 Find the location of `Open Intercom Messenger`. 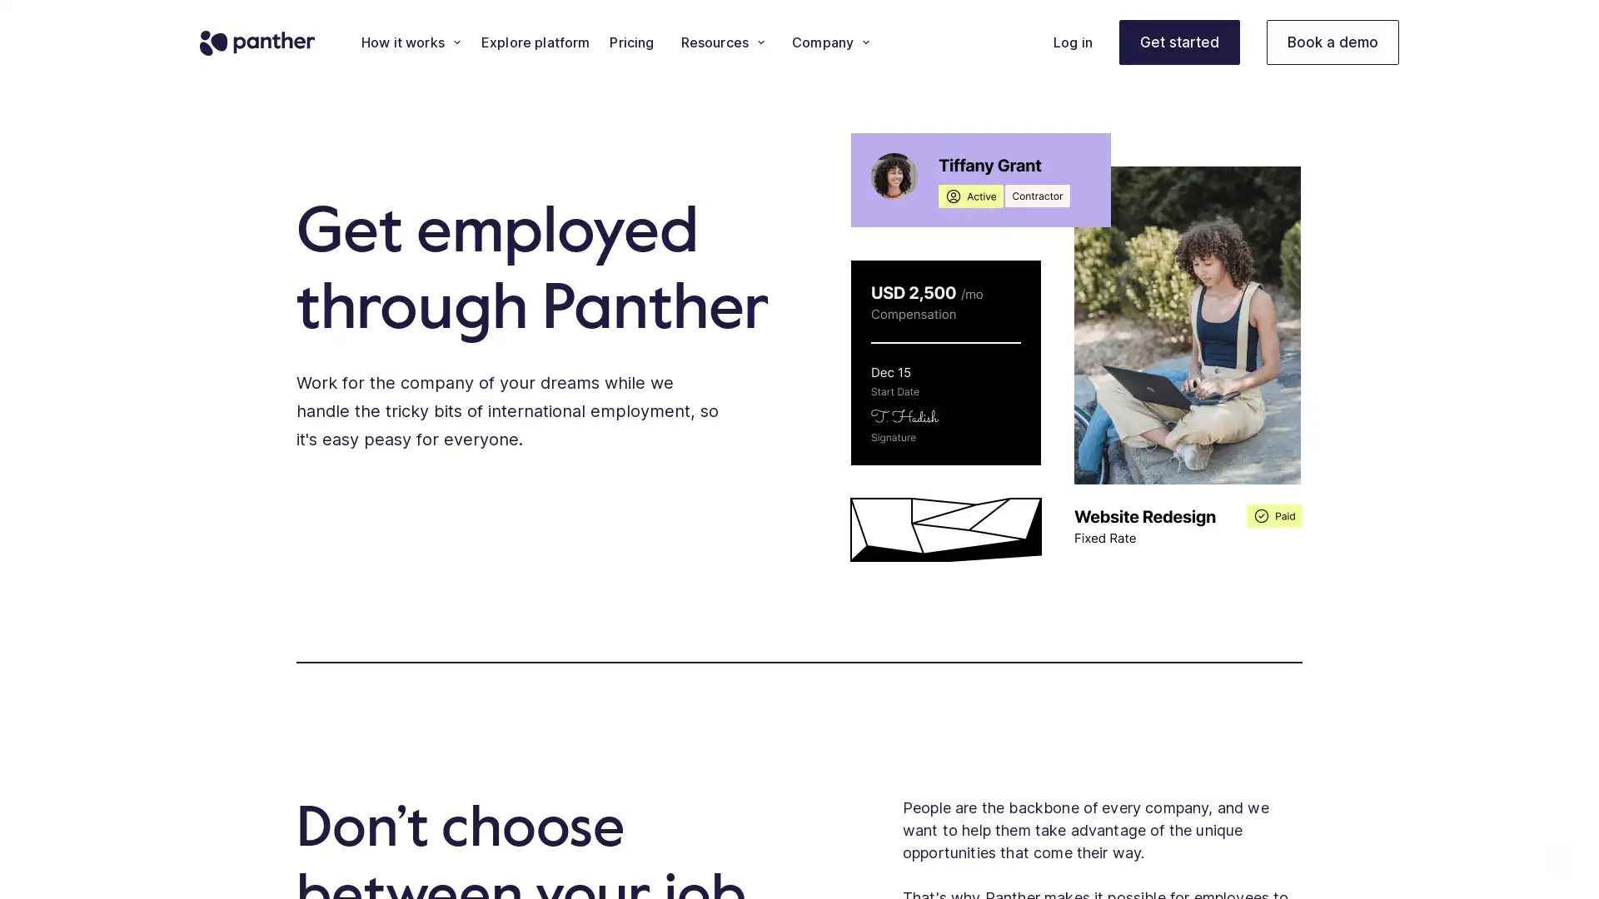

Open Intercom Messenger is located at coordinates (1557, 857).